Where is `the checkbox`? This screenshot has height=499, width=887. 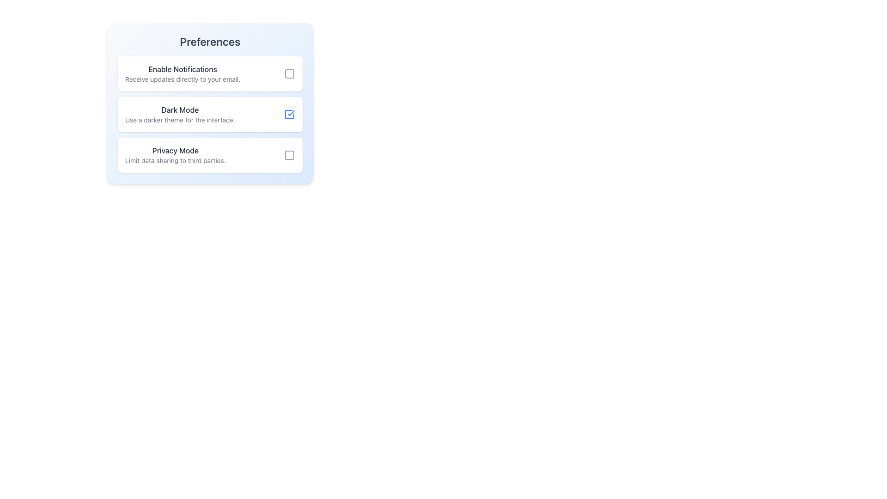 the checkbox is located at coordinates (289, 114).